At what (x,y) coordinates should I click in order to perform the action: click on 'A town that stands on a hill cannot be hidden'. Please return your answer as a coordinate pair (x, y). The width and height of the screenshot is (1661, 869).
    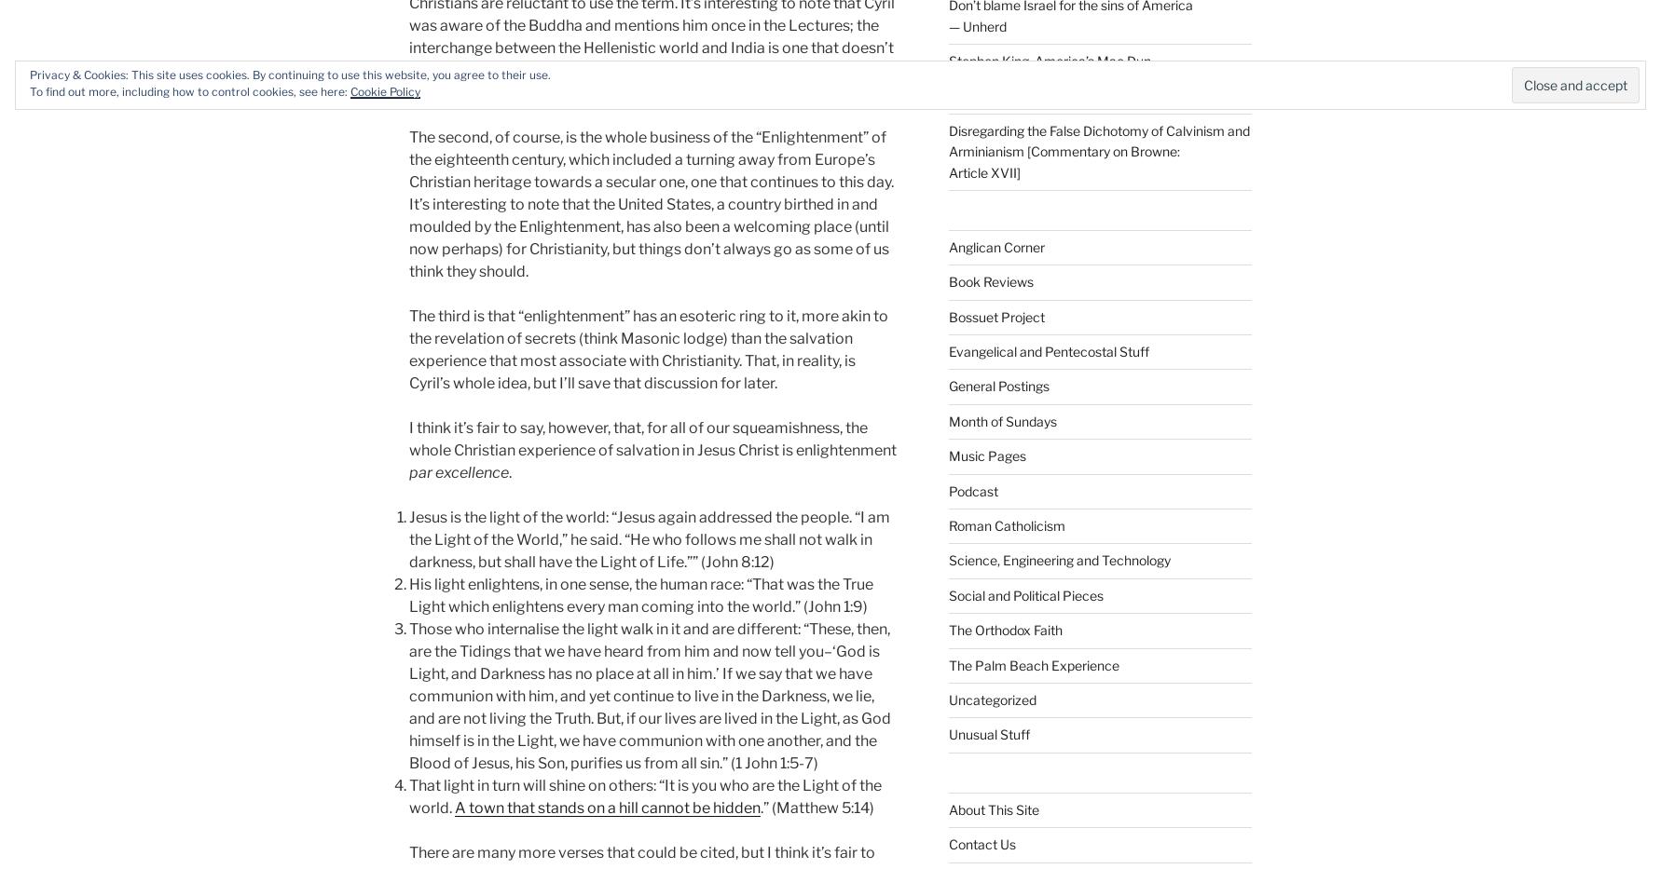
    Looking at the image, I should click on (607, 806).